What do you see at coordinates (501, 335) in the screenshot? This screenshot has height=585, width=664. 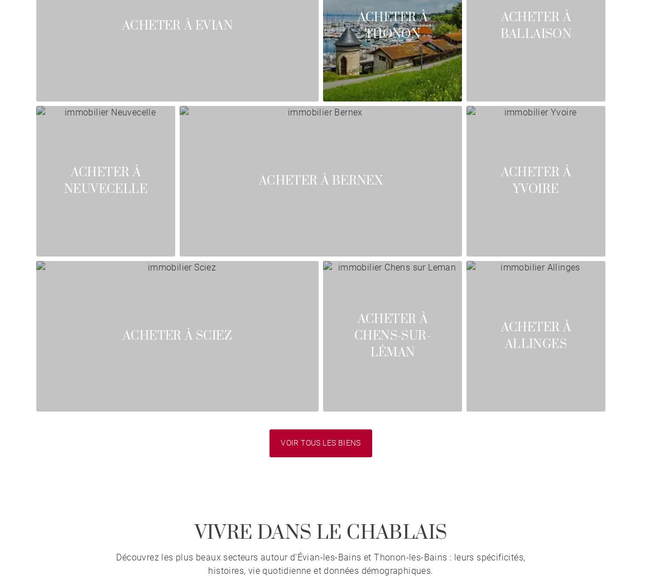 I see `'Acheter à Allinges'` at bounding box center [501, 335].